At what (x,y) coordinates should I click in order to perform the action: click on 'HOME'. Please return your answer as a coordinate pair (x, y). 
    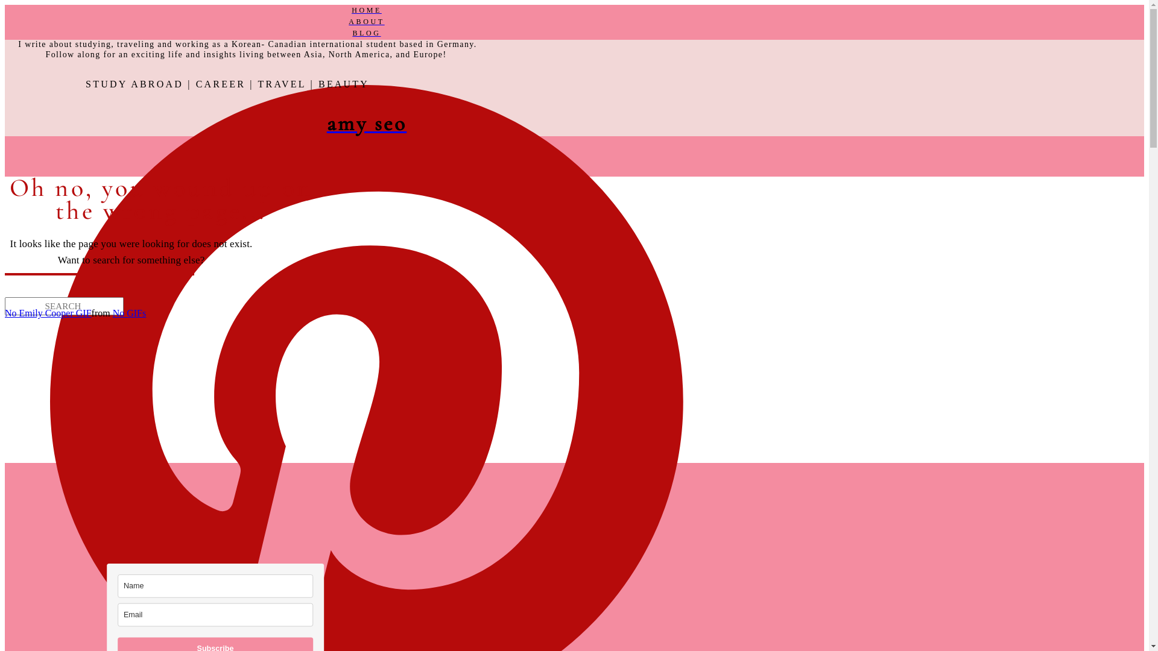
    Looking at the image, I should click on (366, 10).